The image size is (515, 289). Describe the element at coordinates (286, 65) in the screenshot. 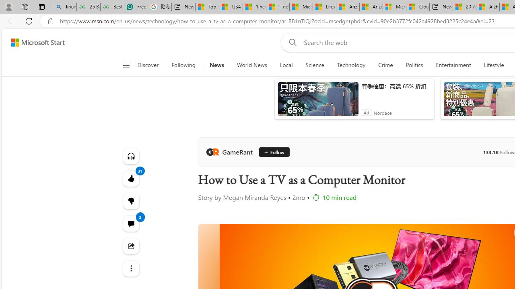

I see `'Local'` at that location.